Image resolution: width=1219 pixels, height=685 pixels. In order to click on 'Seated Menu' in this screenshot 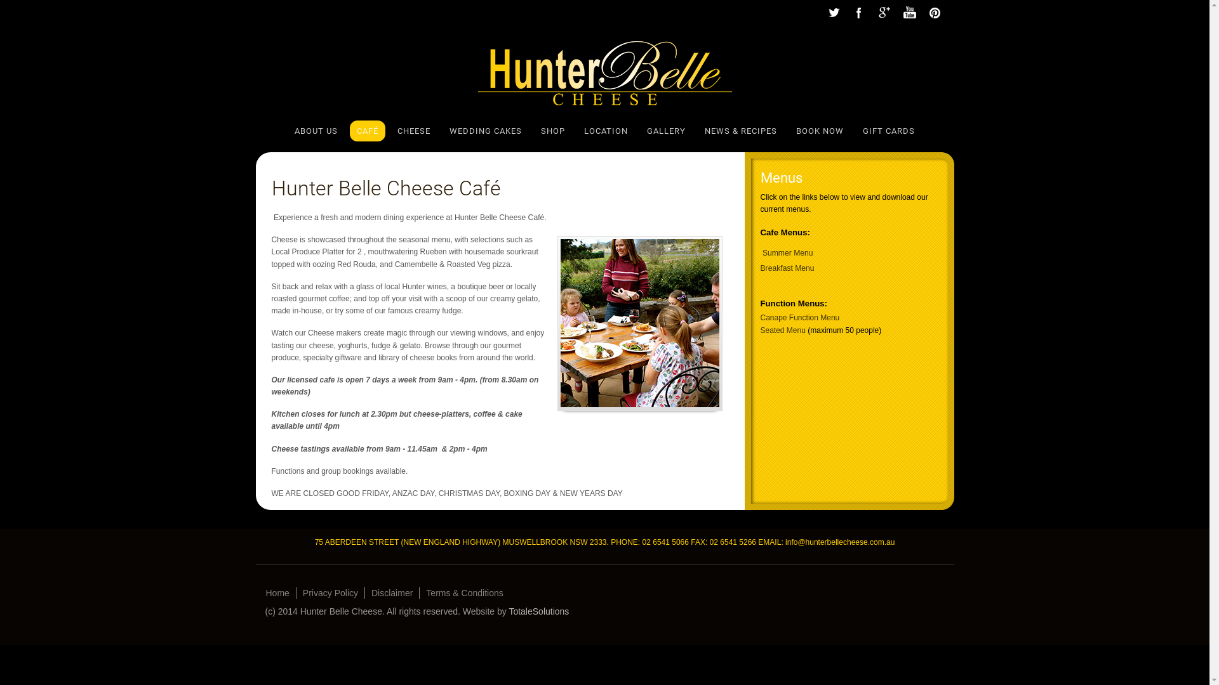, I will do `click(782, 329)`.